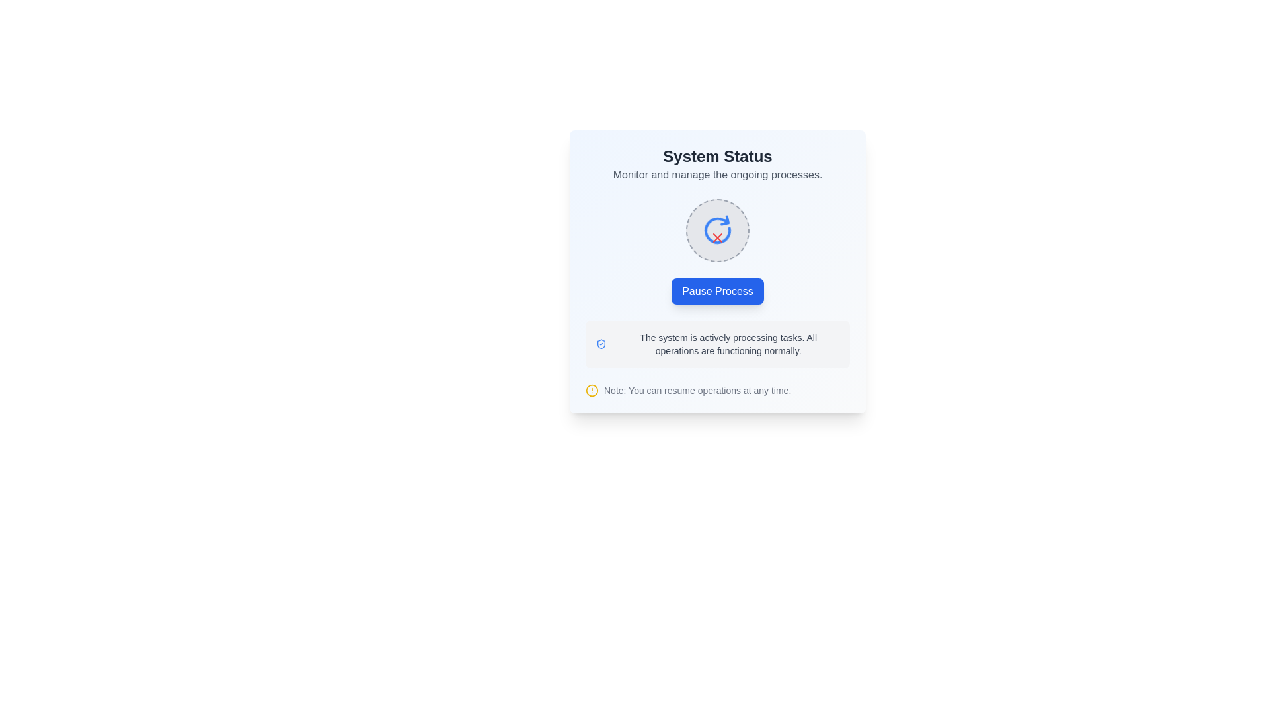 This screenshot has height=714, width=1269. I want to click on the 'Pause Process' button, which is a rectangular button with a blue background and white text, so click(716, 290).